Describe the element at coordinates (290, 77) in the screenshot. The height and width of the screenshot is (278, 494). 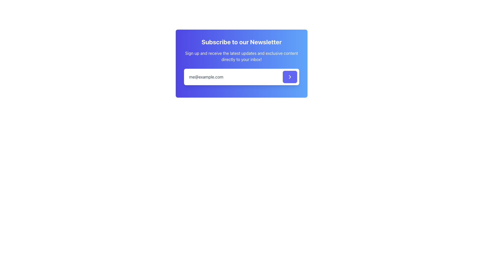
I see `the modern purple button with white text and a rightward-pointing chevron icon, located to the right of the text input field for interactive feedback` at that location.